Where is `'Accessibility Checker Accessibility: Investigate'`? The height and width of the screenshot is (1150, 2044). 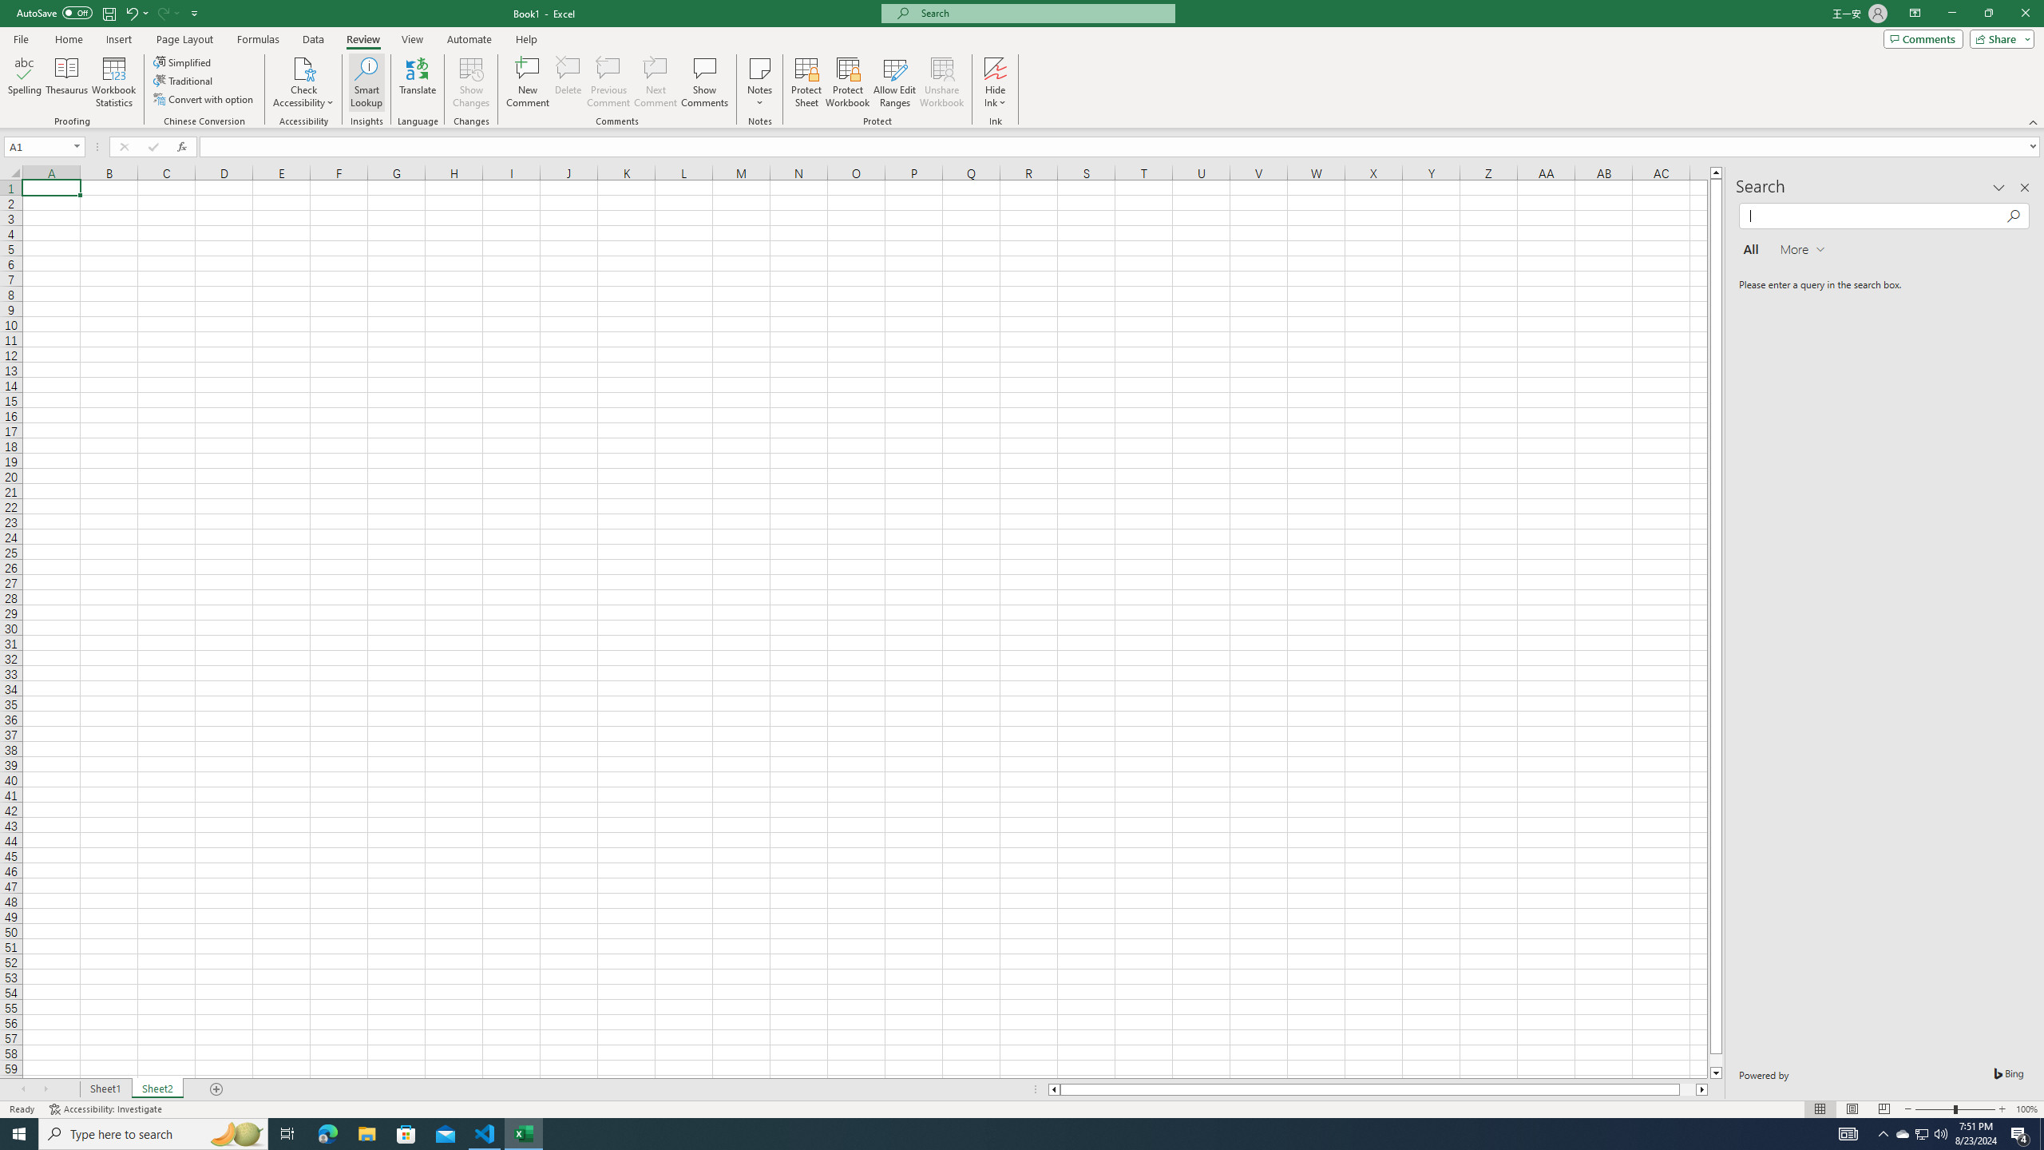
'Accessibility Checker Accessibility: Investigate' is located at coordinates (107, 1109).